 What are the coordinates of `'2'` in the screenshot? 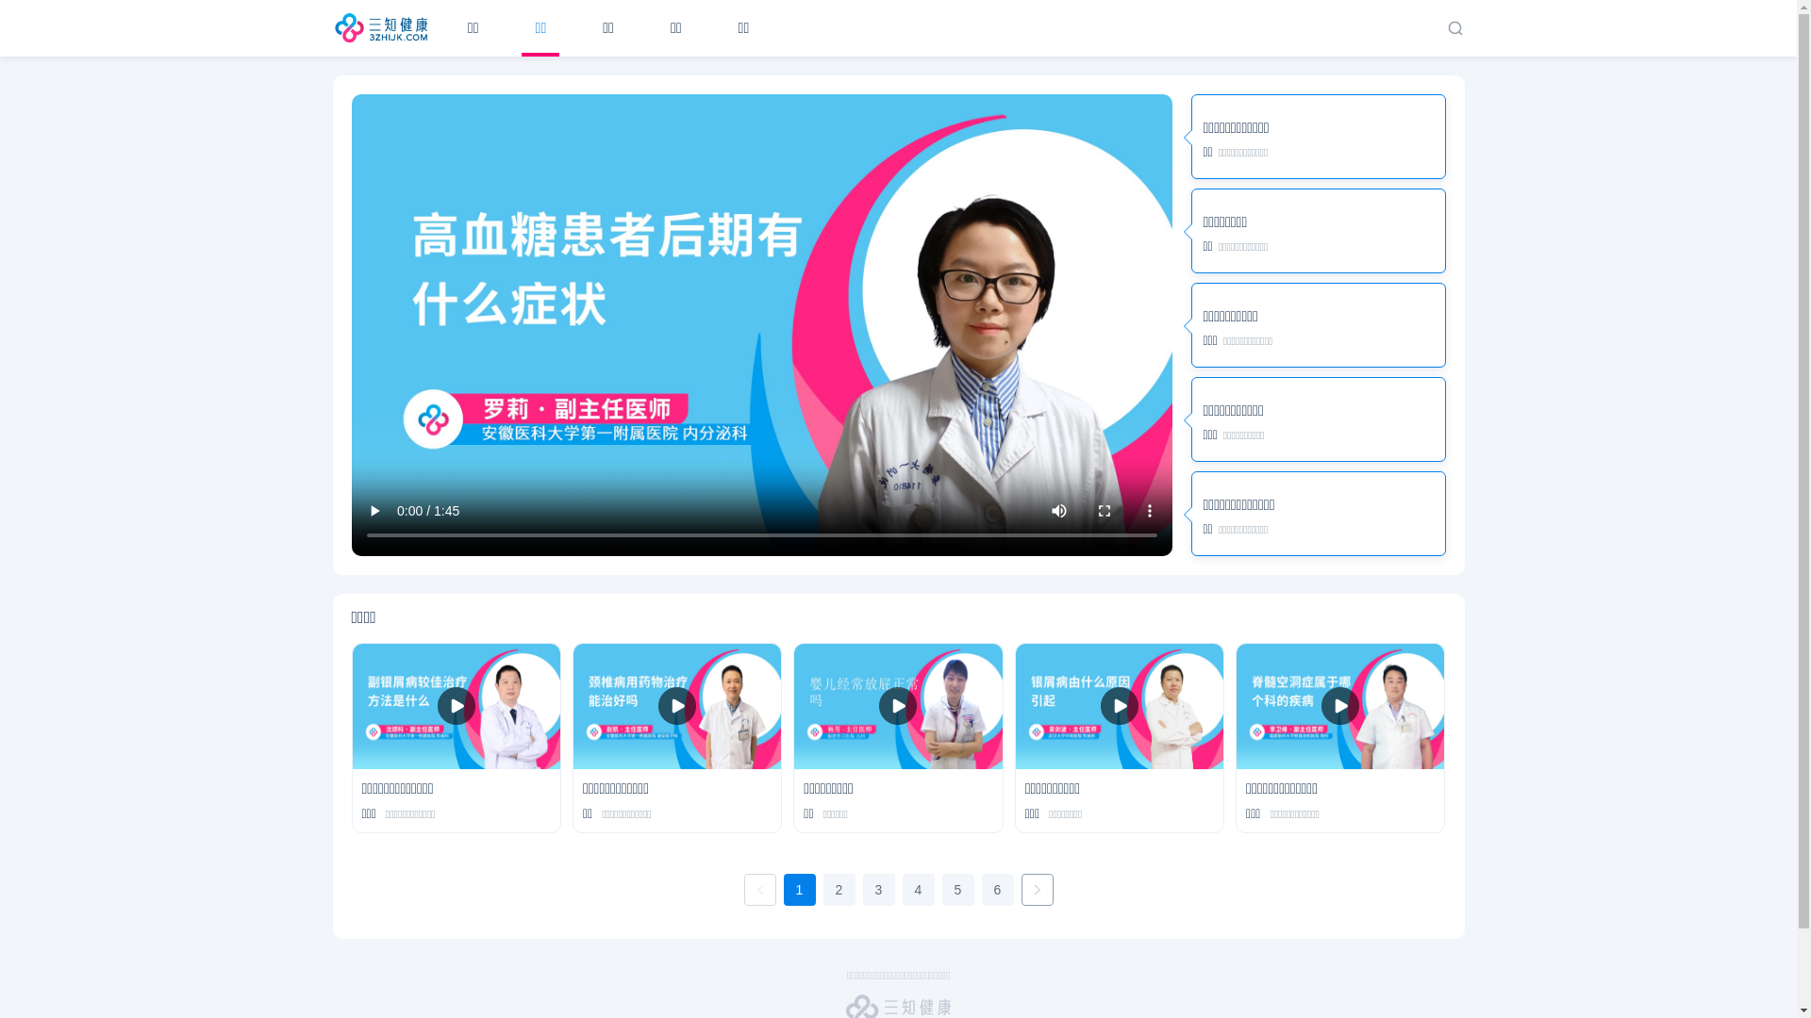 It's located at (822, 890).